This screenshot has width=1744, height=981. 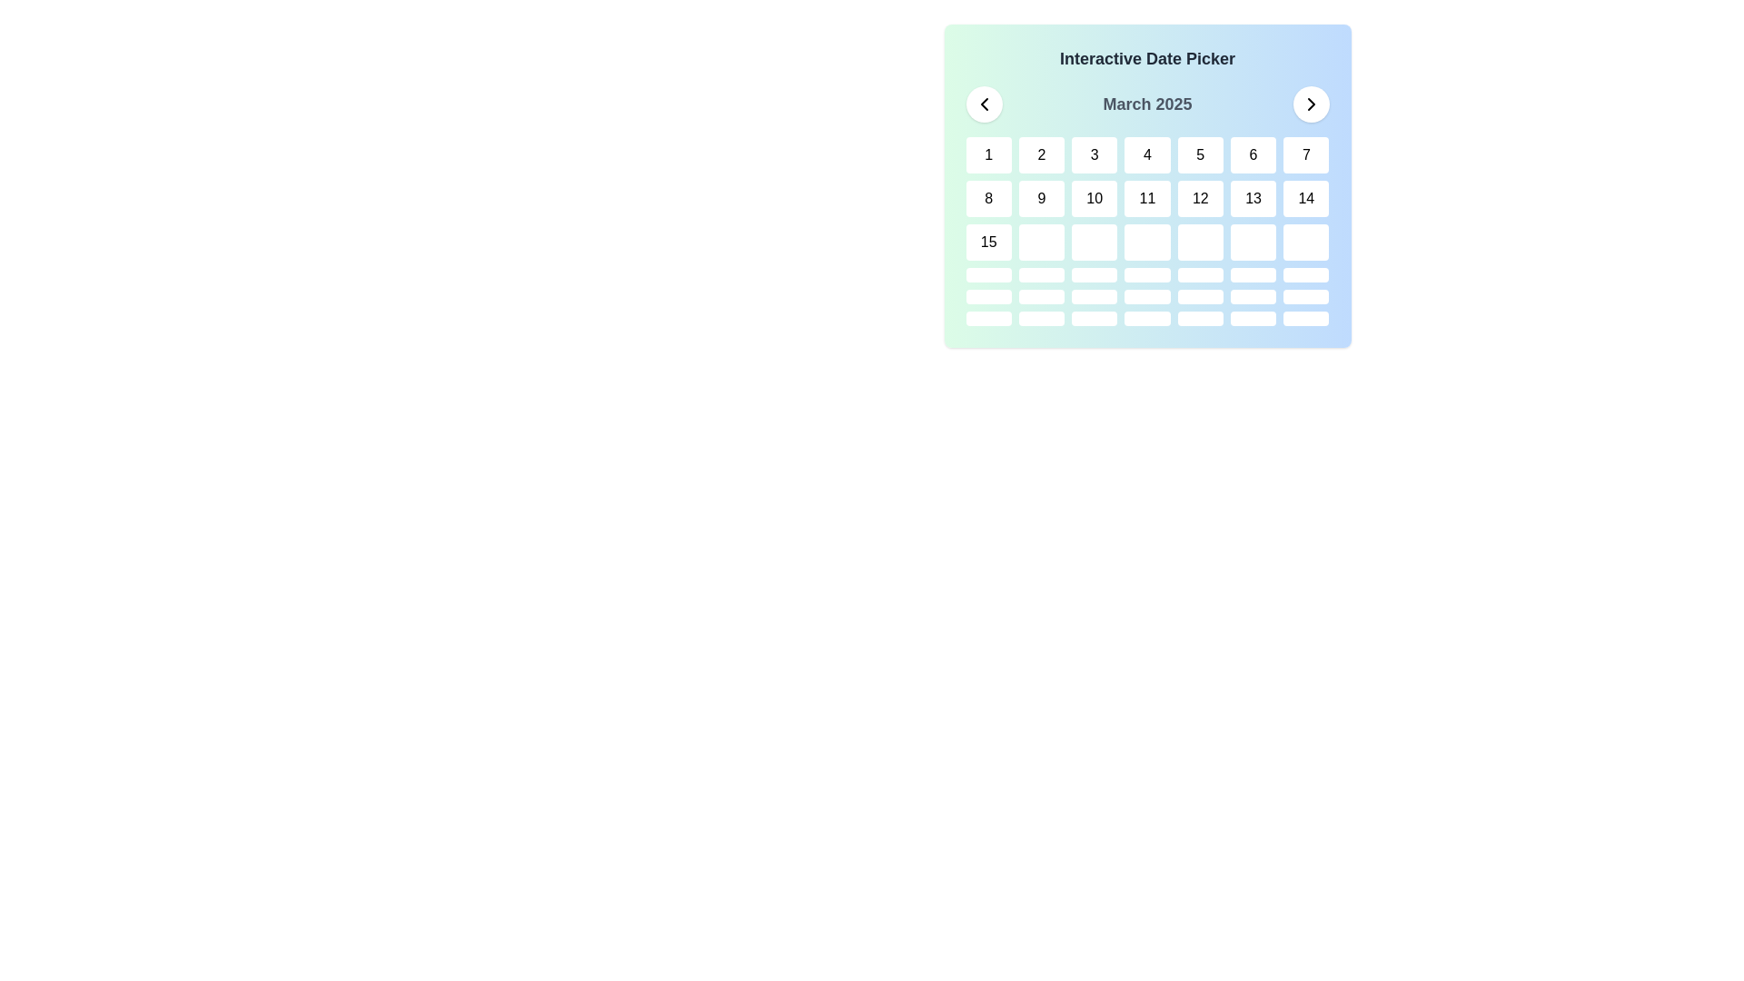 I want to click on the 4th button in the 5th row of the grid, so click(x=1146, y=318).